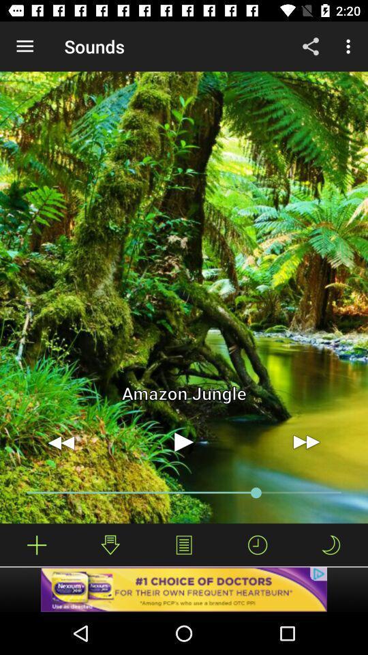 Image resolution: width=368 pixels, height=655 pixels. Describe the element at coordinates (331, 544) in the screenshot. I see `night mode icon which is right to timer icon` at that location.